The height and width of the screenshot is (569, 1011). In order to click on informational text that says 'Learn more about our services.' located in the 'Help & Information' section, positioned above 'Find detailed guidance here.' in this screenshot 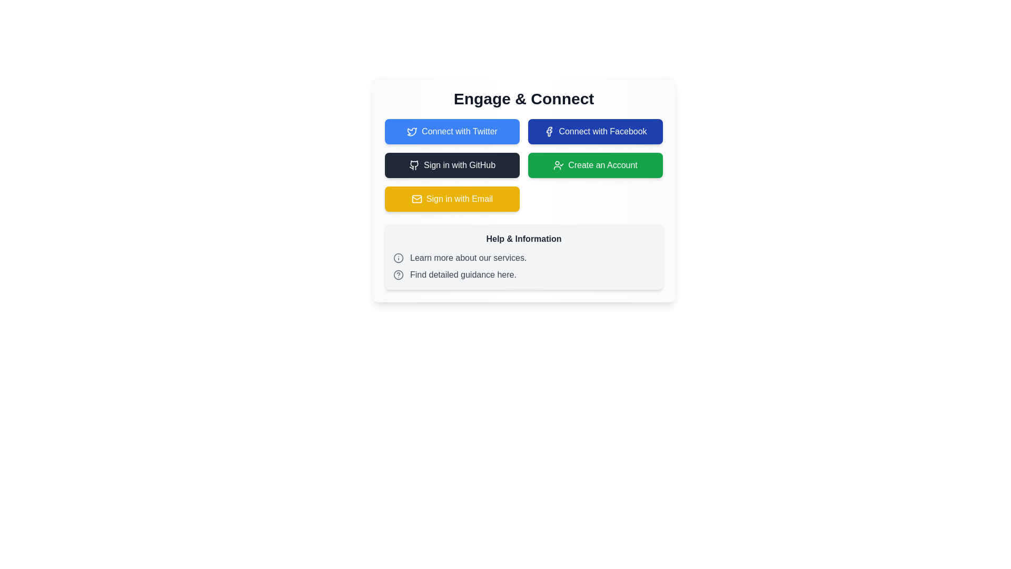, I will do `click(523, 258)`.